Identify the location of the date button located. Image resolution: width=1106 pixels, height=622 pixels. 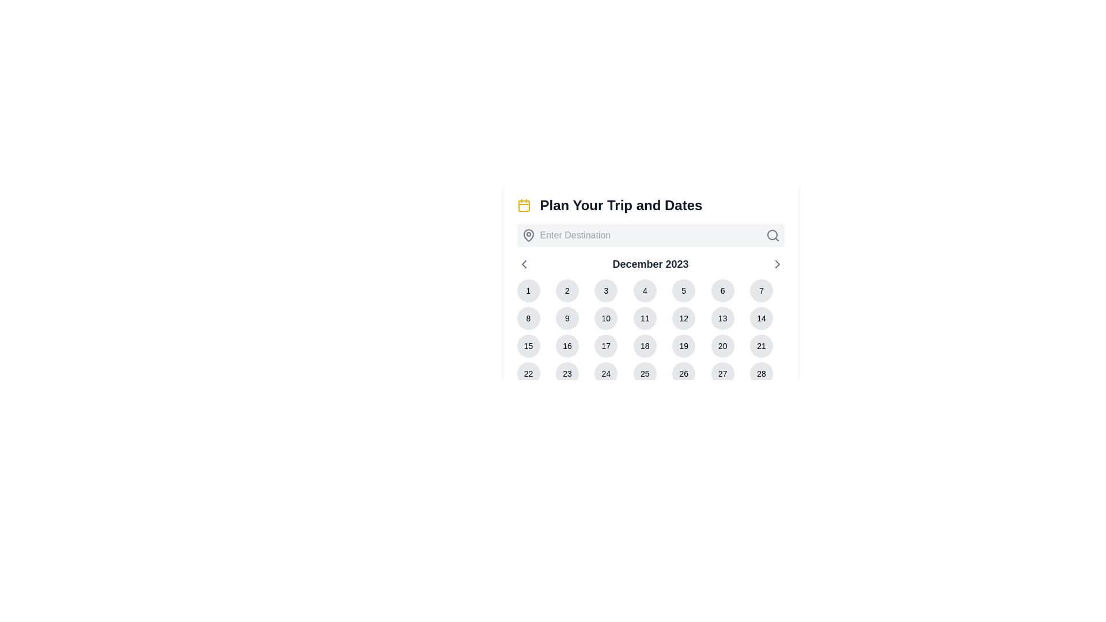
(722, 346).